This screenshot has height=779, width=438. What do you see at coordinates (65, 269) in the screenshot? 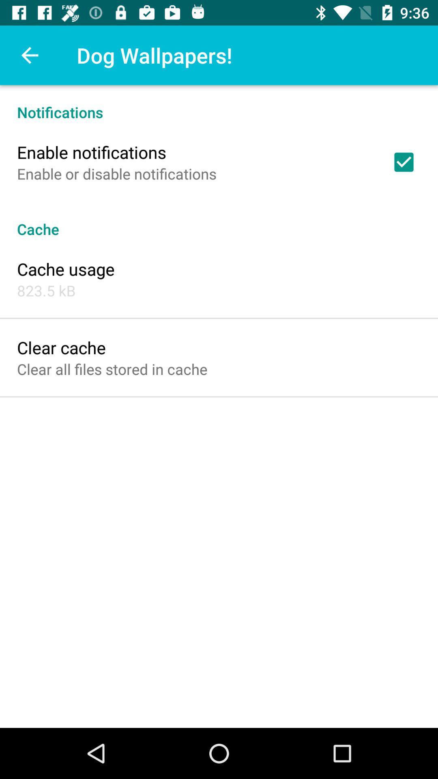
I see `the cache usage icon` at bounding box center [65, 269].